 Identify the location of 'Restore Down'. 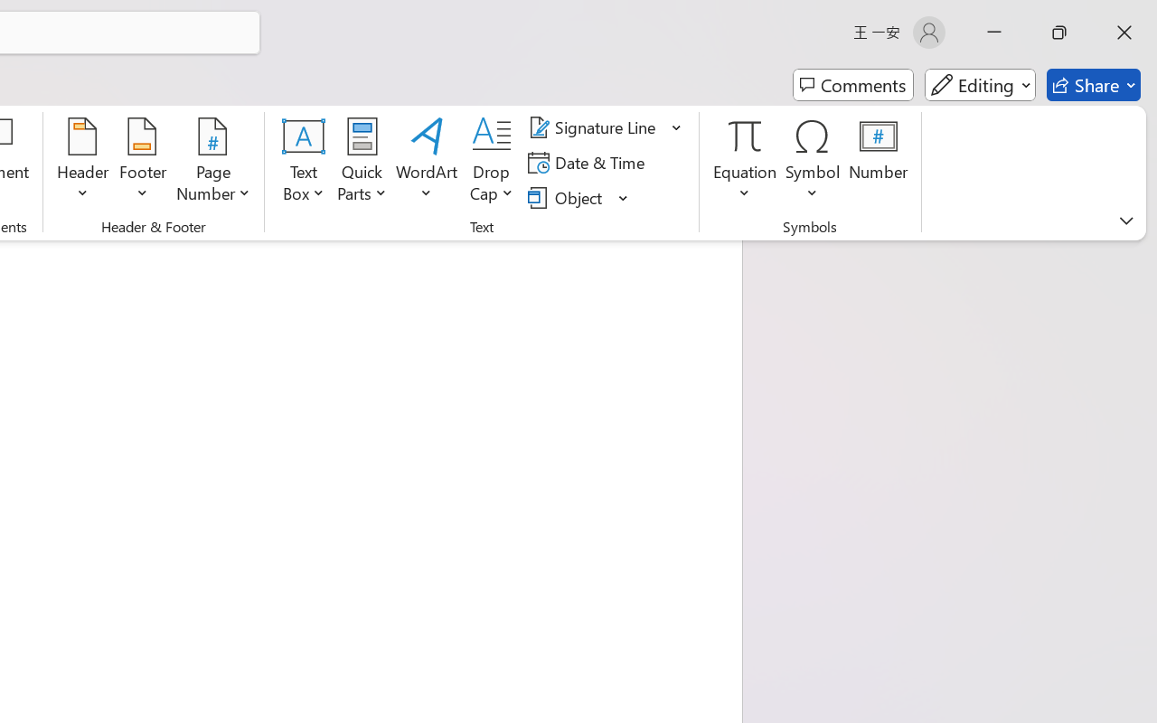
(1059, 32).